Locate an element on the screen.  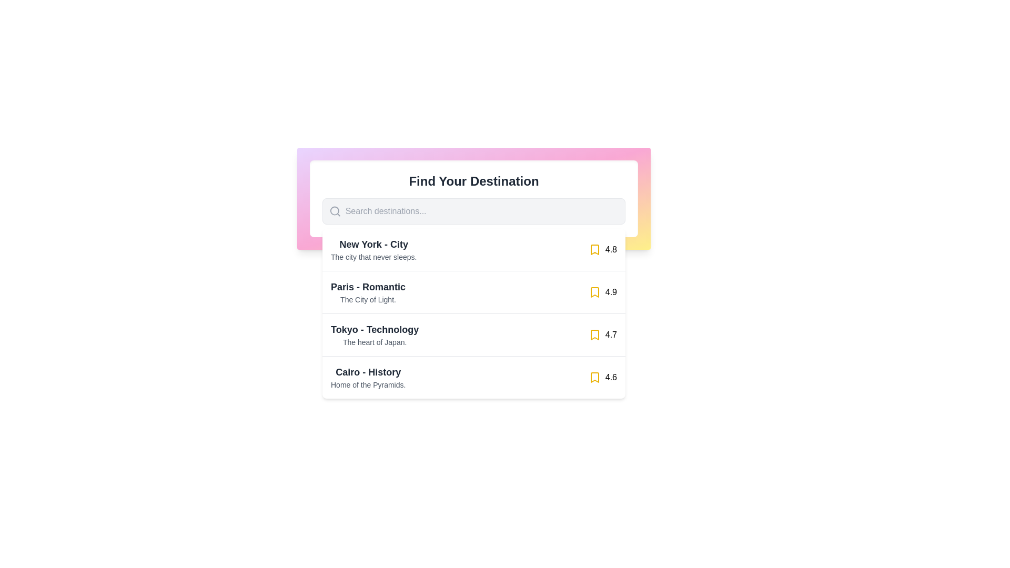
descriptive text label located directly beneath the 'New York - City' heading, which provides additional context about the destination is located at coordinates (373, 257).